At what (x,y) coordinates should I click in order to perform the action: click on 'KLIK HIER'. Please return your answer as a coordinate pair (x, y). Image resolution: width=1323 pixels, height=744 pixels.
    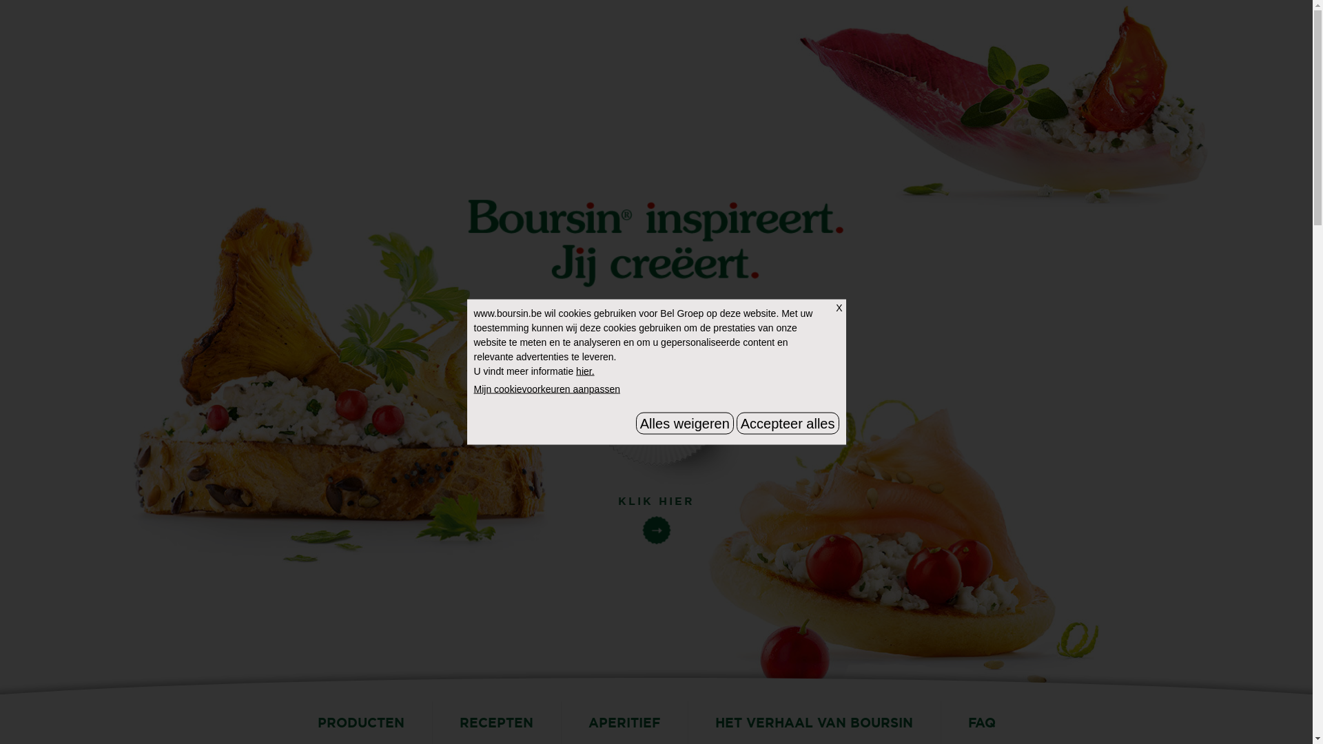
    Looking at the image, I should click on (656, 513).